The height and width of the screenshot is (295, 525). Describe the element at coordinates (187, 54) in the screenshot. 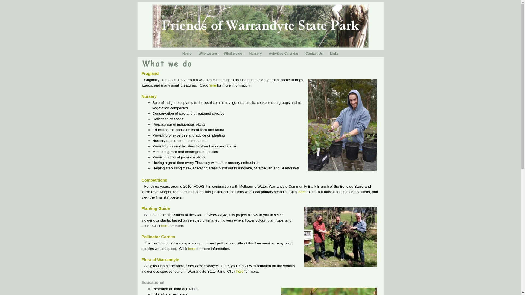

I see `'Home'` at that location.